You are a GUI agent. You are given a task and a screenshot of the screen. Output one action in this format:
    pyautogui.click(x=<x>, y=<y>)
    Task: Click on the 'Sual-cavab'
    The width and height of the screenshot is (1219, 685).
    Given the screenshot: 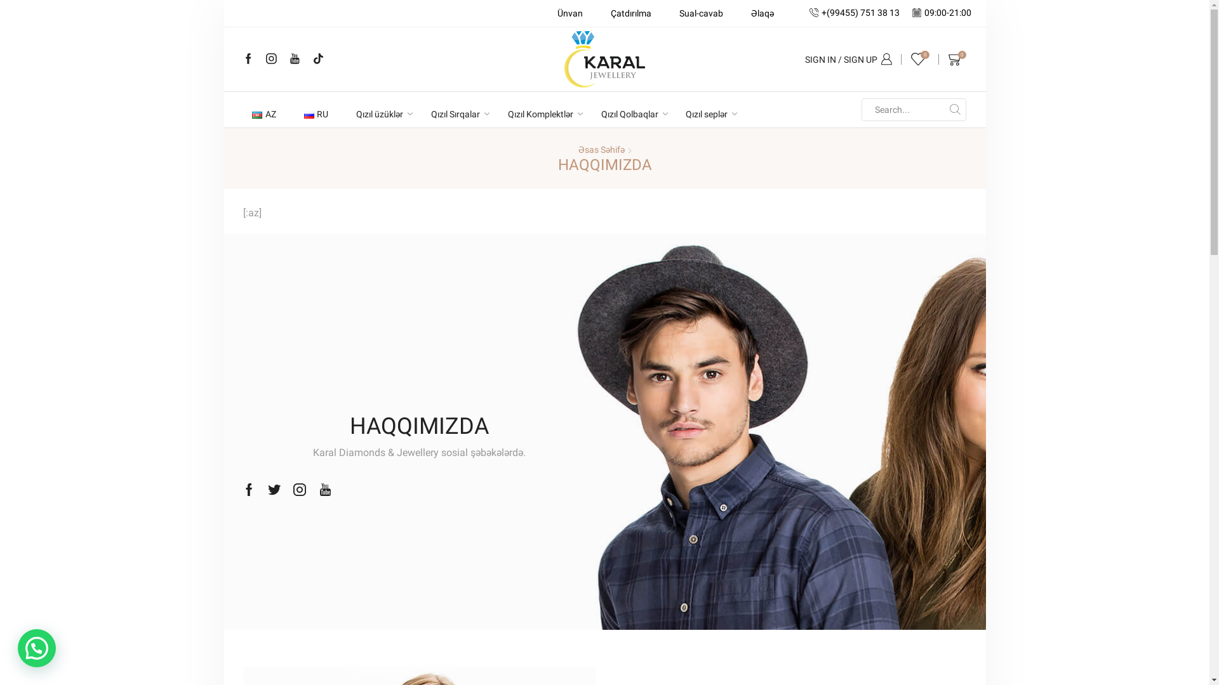 What is the action you would take?
    pyautogui.click(x=669, y=13)
    